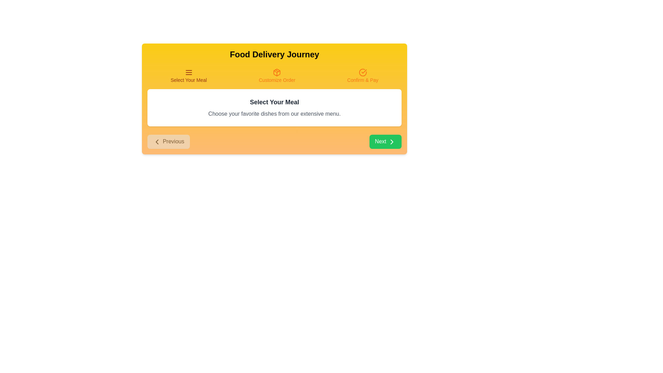  Describe the element at coordinates (189, 76) in the screenshot. I see `the Process step indicator, which features three horizontal bars above the text 'Select Your Meal' styled in orange, located in the top left of the header area` at that location.